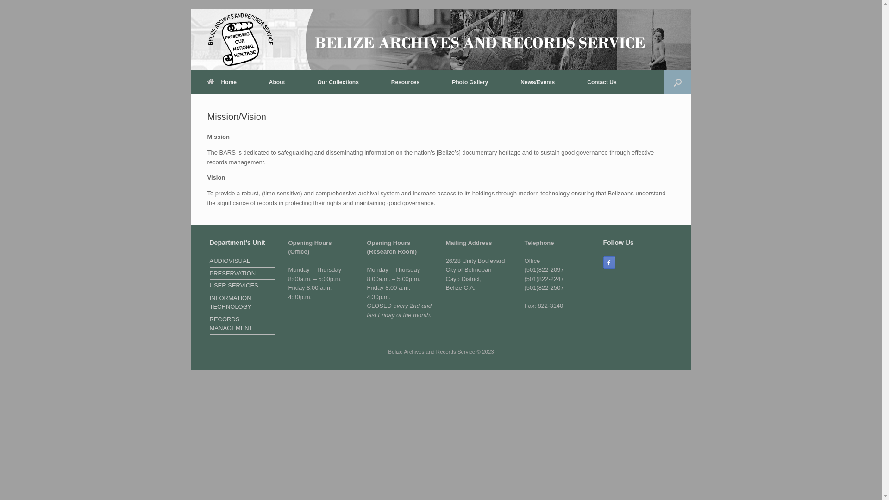 This screenshot has height=500, width=889. I want to click on 'AUDIOVISUAL', so click(242, 262).